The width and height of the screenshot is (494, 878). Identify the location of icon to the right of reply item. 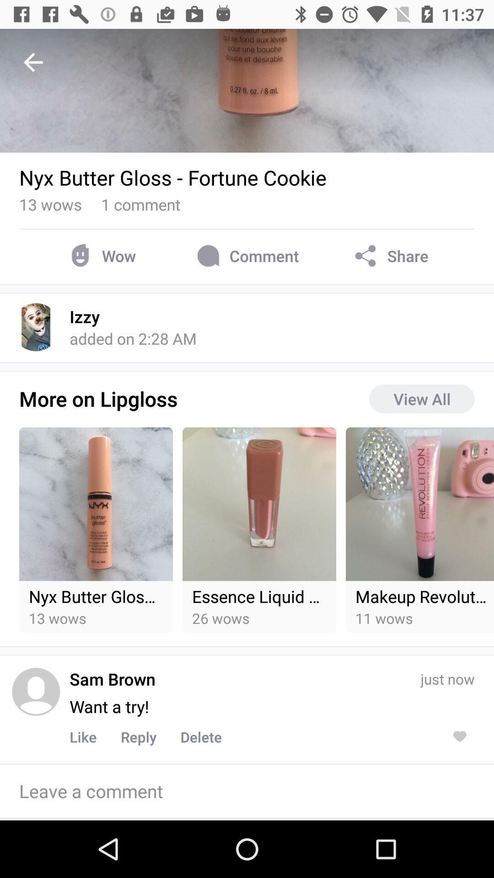
(200, 737).